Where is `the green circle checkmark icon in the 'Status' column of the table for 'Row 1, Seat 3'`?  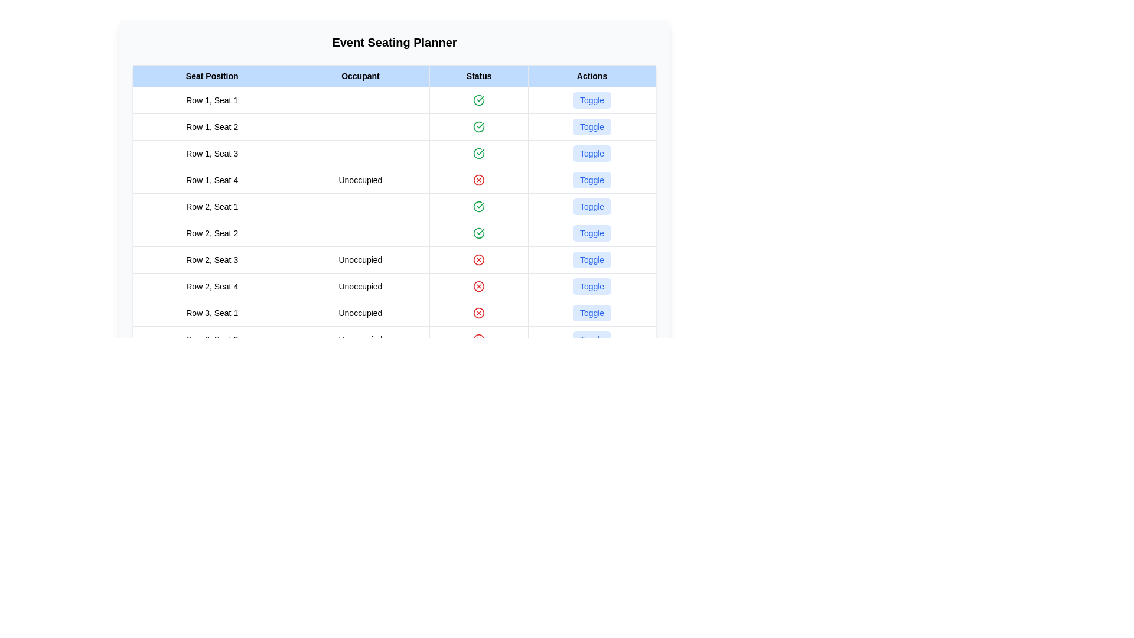 the green circle checkmark icon in the 'Status' column of the table for 'Row 1, Seat 3' is located at coordinates (479, 152).